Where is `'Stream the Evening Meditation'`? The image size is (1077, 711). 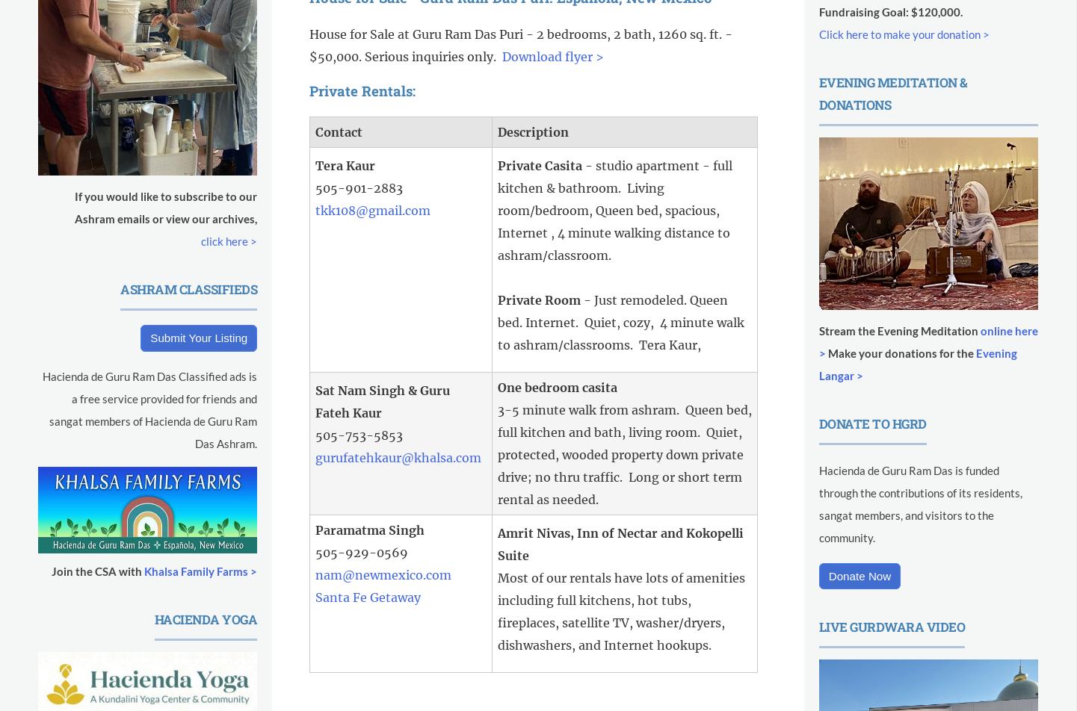 'Stream the Evening Meditation' is located at coordinates (898, 330).